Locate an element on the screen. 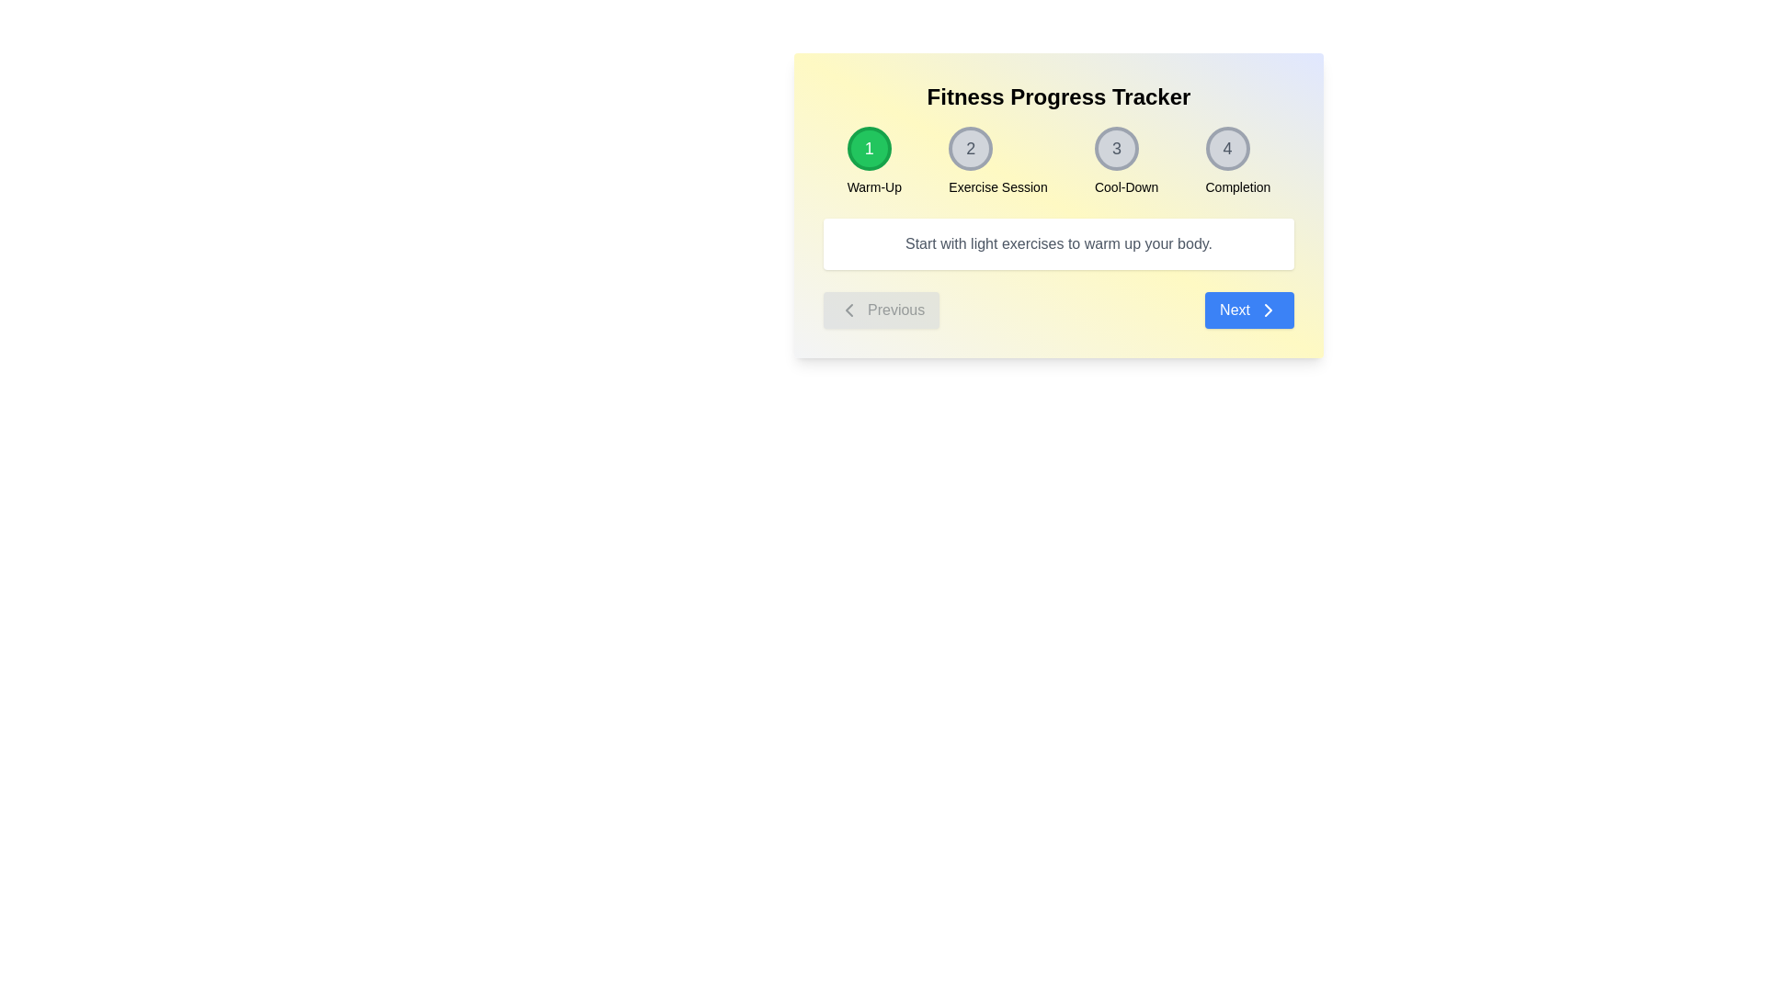  the first step in the progress tracker interface, which indicates the 'Warm-Up' stage is located at coordinates (868, 148).